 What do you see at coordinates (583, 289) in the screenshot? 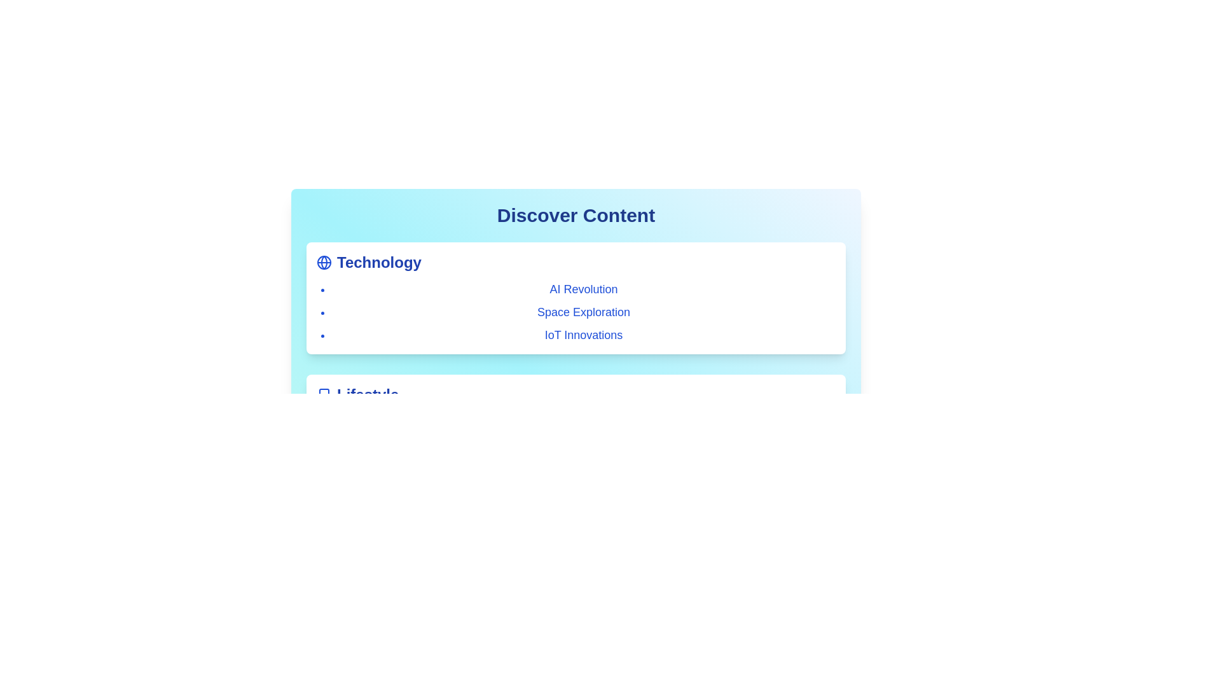
I see `the category or item AI Revolution to view its hover effect` at bounding box center [583, 289].